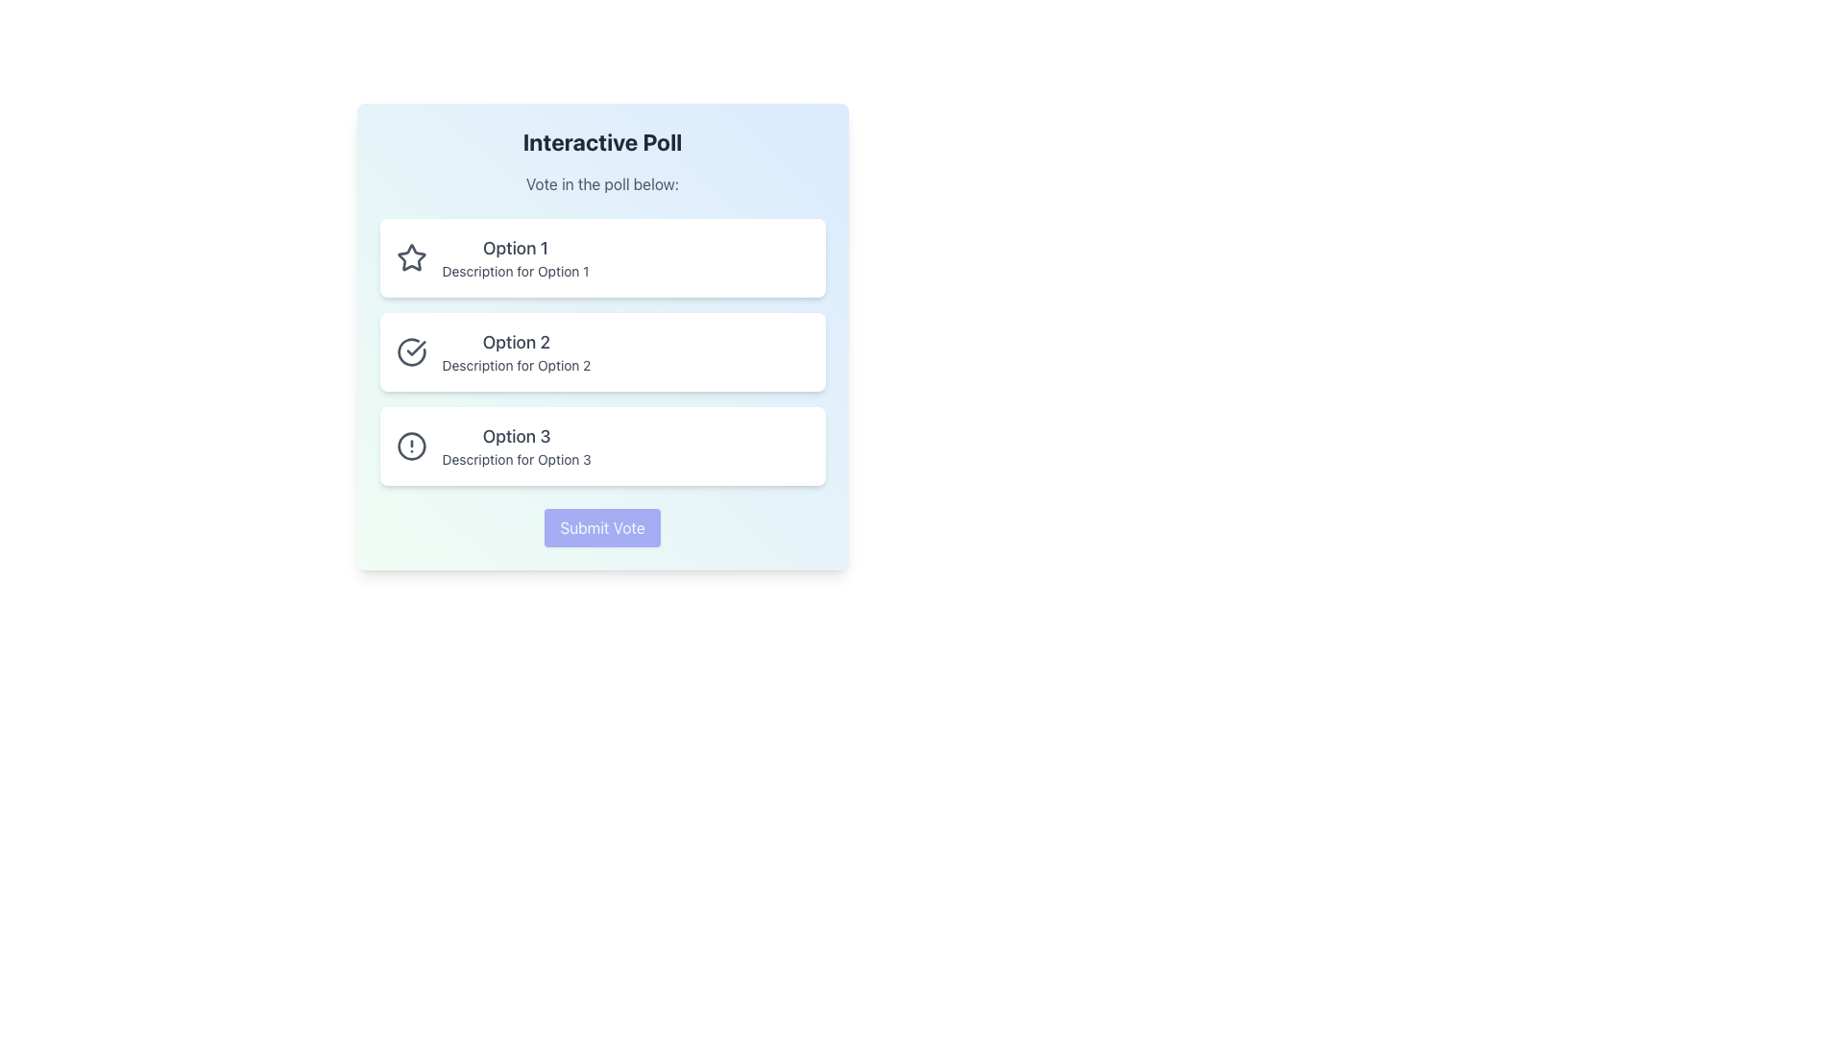 The width and height of the screenshot is (1844, 1037). What do you see at coordinates (601, 351) in the screenshot?
I see `the selectable option card in the voting interface, positioned between 'Option 1' and 'Option 3' in the vertically stacked list` at bounding box center [601, 351].